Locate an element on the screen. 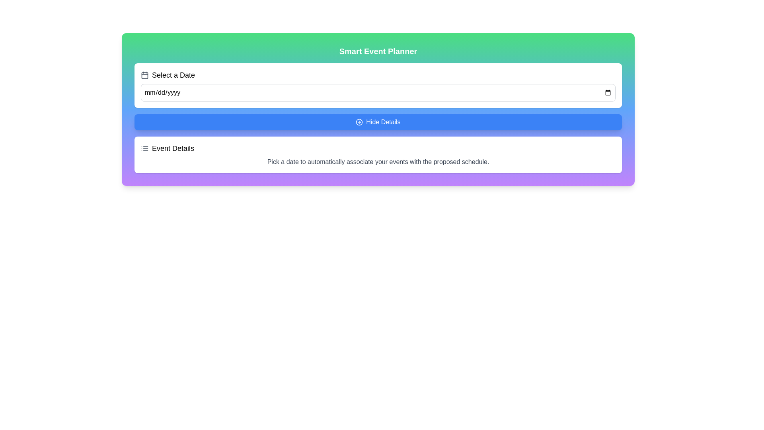 Image resolution: width=764 pixels, height=430 pixels. the calendar icon (SVG) next to the label 'Select a Date' as a visual cue is located at coordinates (145, 75).